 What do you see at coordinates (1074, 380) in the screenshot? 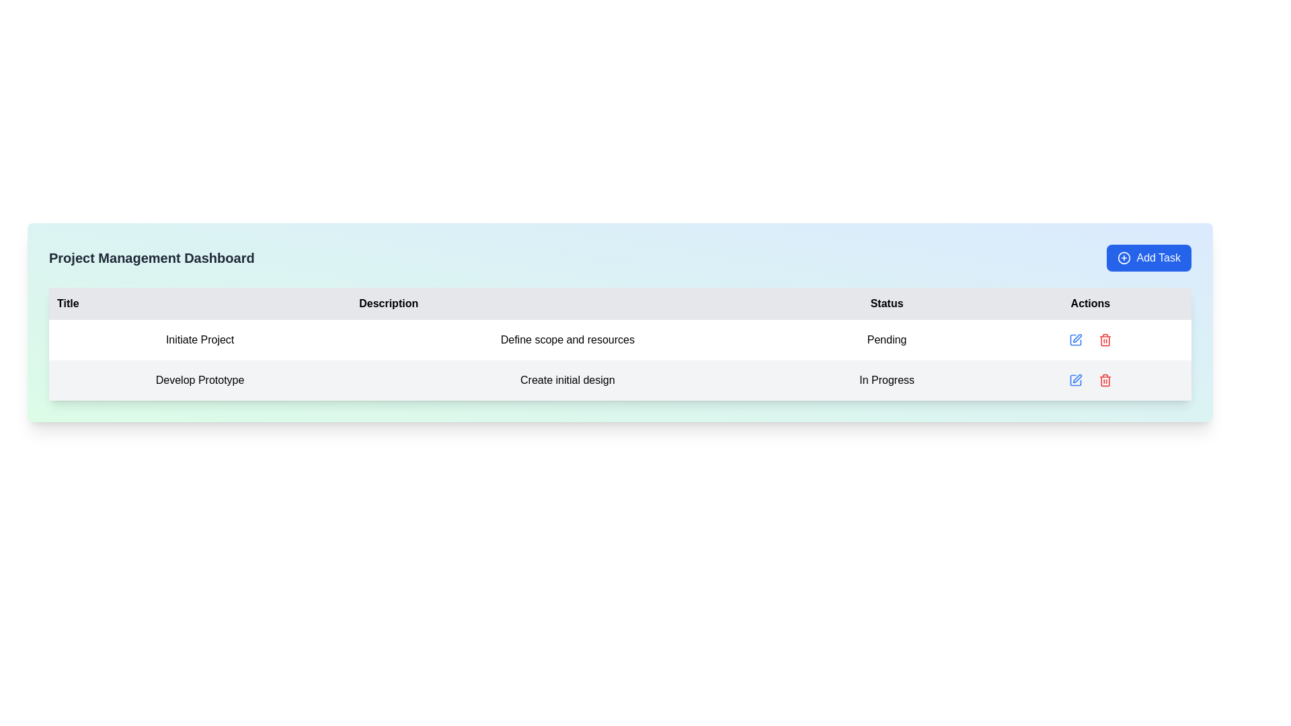
I see `the 'Edit' SVG icon located in the 'Actions' column of the second row for the task labeled 'Develop Prototype'` at bounding box center [1074, 380].